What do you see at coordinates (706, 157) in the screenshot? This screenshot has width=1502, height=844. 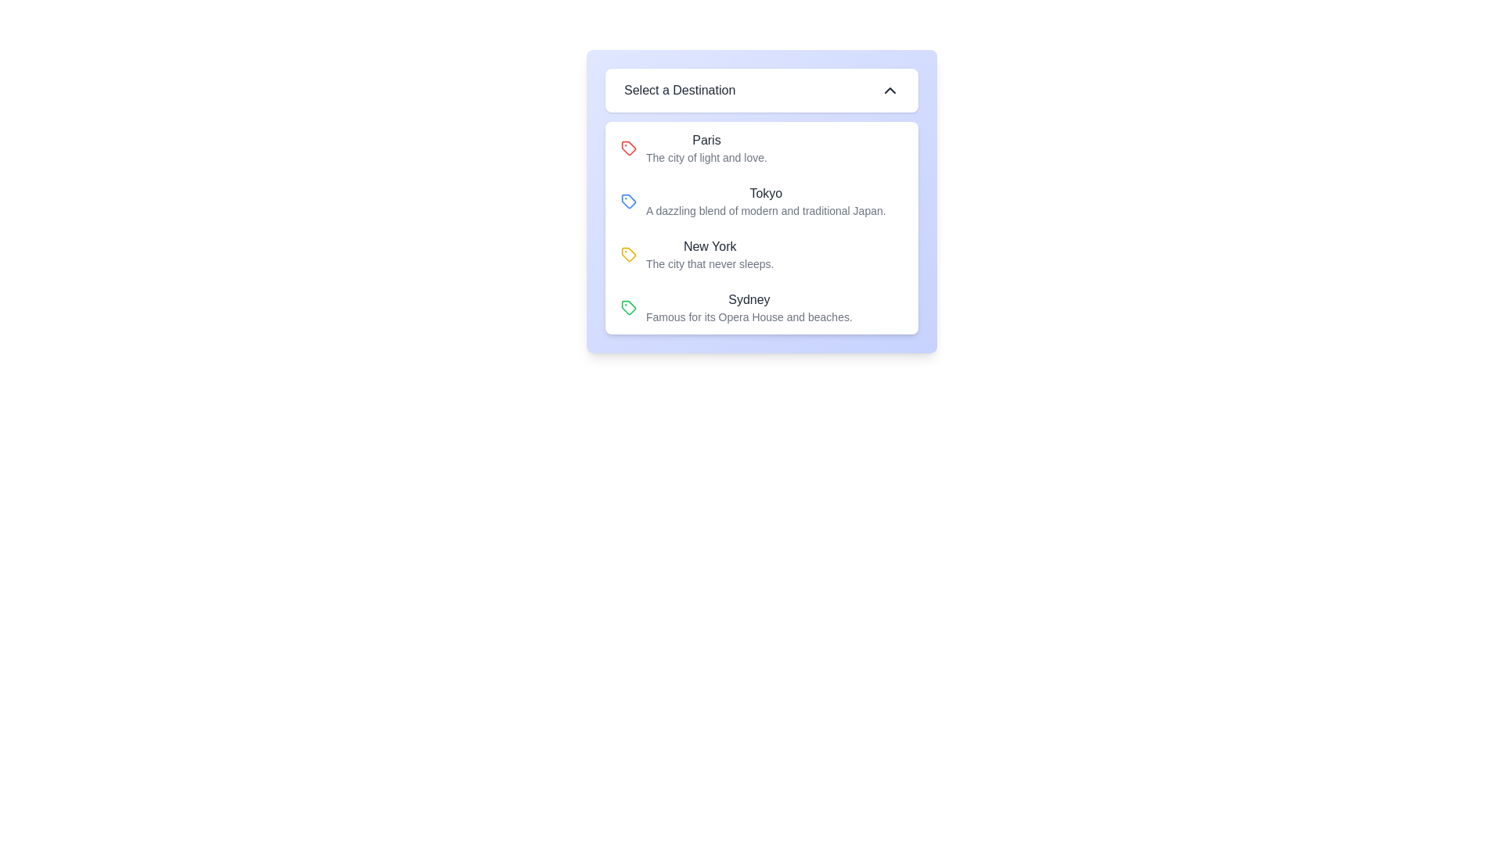 I see `the text element that displays 'The city of light and love.' located directly below the 'Paris' text in the destination list` at bounding box center [706, 157].